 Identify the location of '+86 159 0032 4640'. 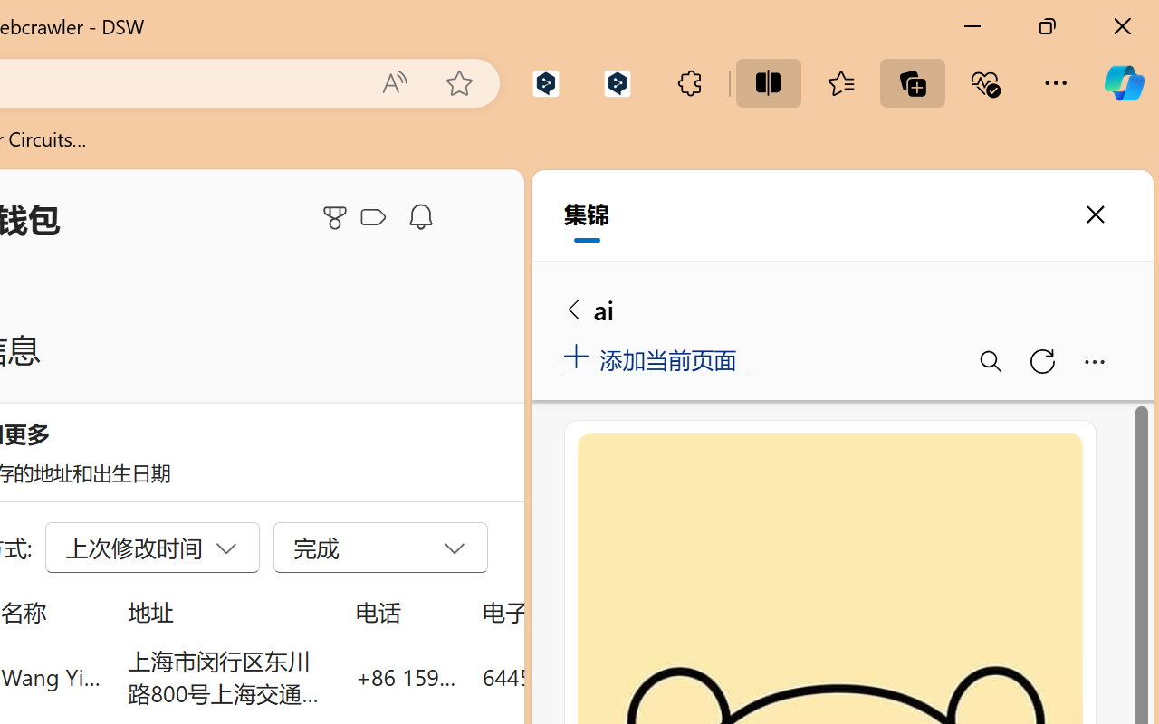
(405, 676).